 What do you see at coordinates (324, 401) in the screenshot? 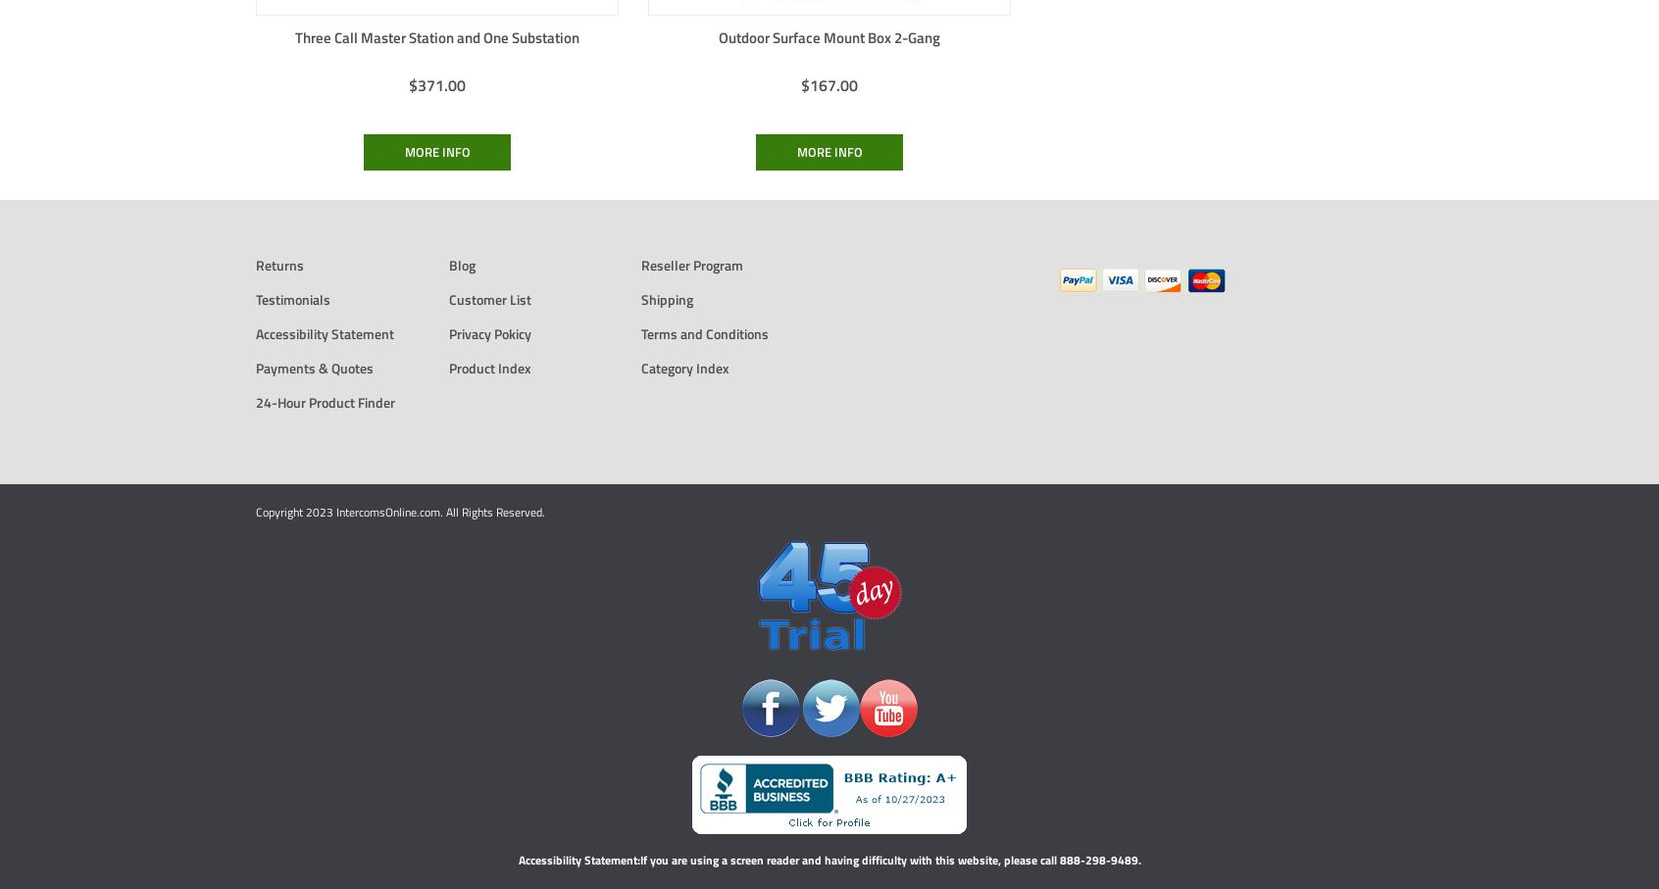
I see `'24-Hour Product Finder'` at bounding box center [324, 401].